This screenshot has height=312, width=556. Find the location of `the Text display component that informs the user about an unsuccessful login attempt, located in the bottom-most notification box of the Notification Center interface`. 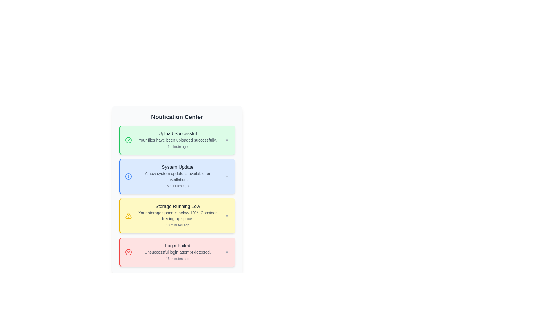

the Text display component that informs the user about an unsuccessful login attempt, located in the bottom-most notification box of the Notification Center interface is located at coordinates (177, 252).